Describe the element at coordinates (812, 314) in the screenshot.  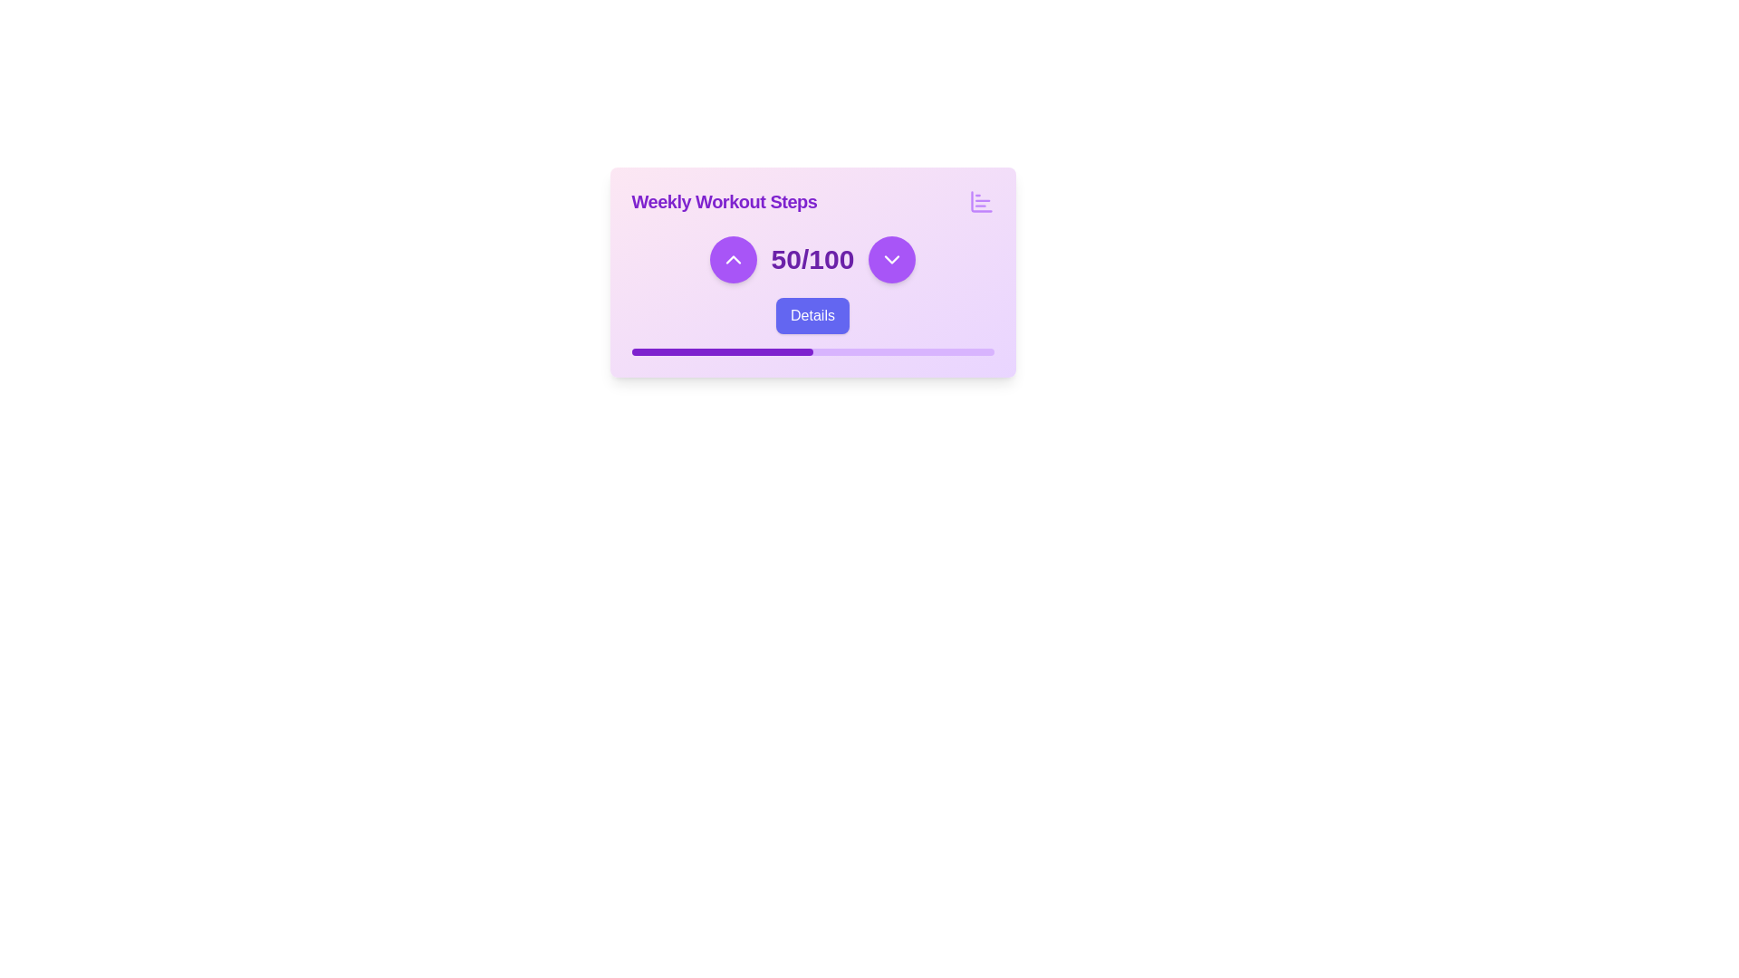
I see `the button located directly below the '50/100' statistic` at that location.